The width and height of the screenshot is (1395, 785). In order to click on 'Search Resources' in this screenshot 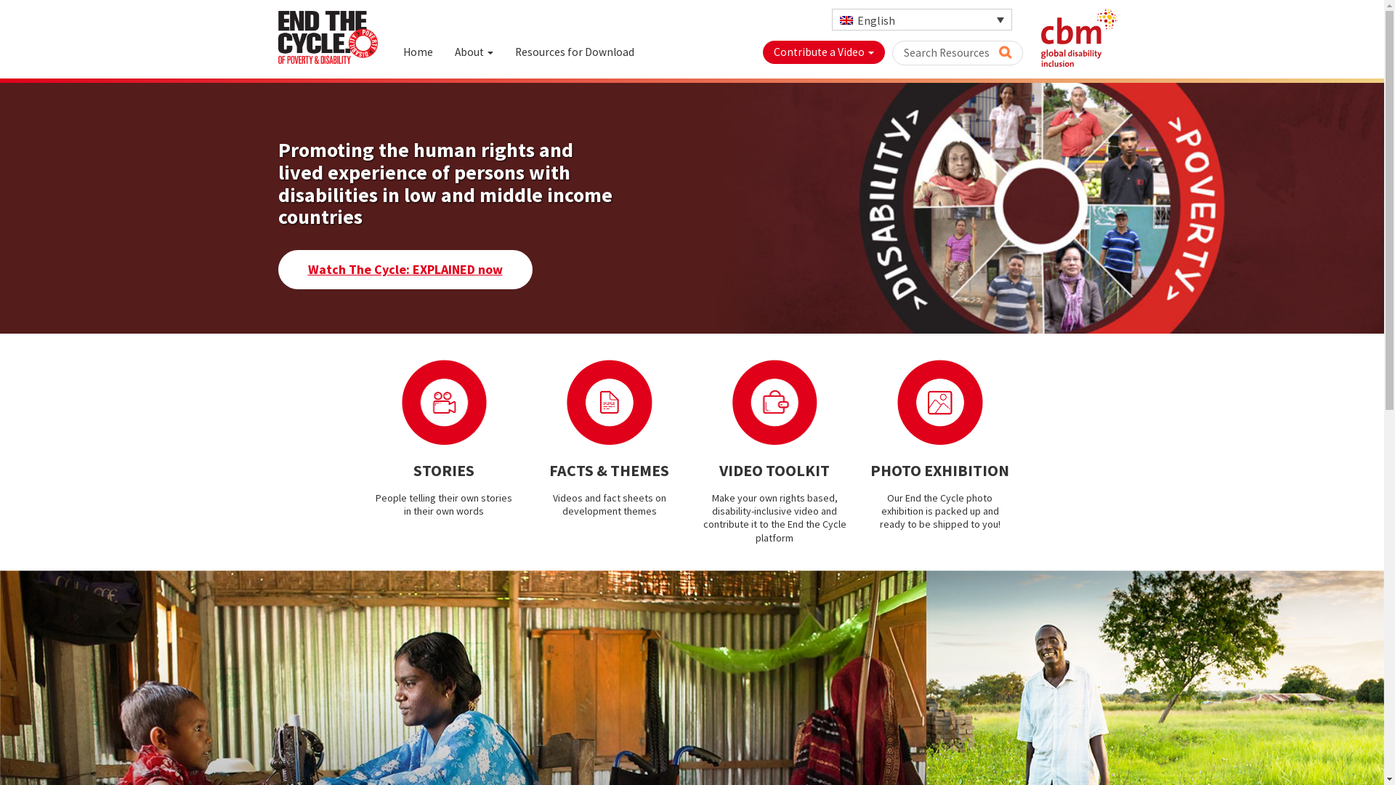, I will do `click(958, 52)`.